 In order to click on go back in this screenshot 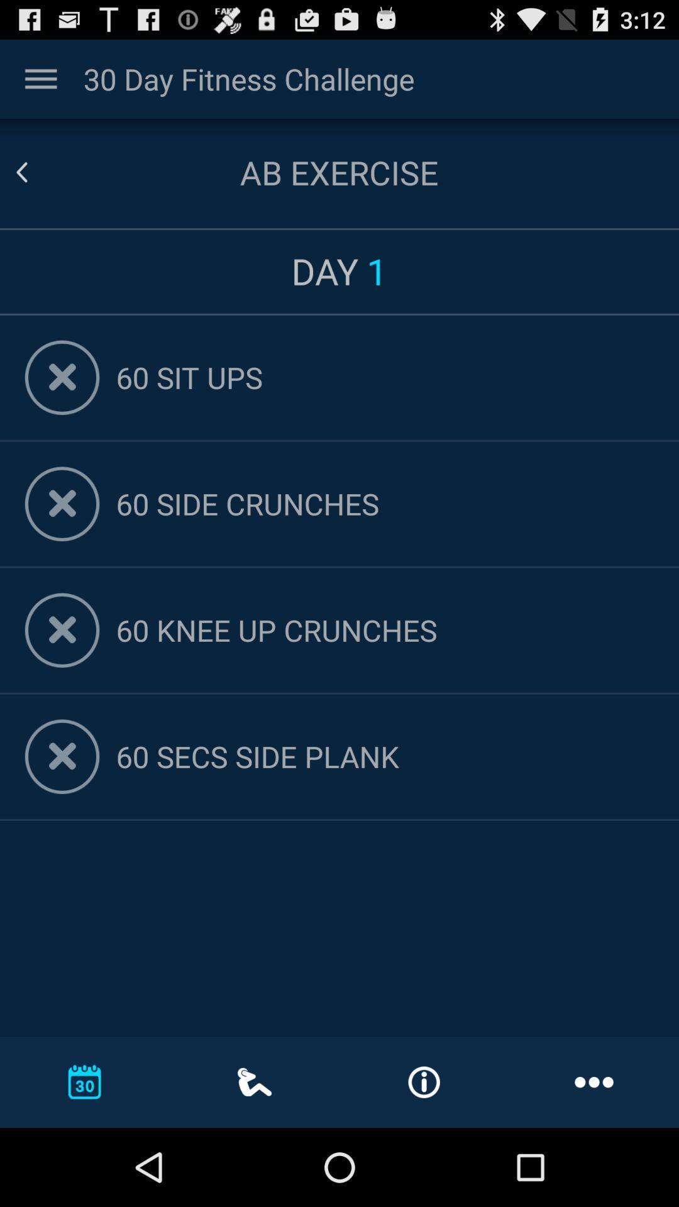, I will do `click(36, 172)`.